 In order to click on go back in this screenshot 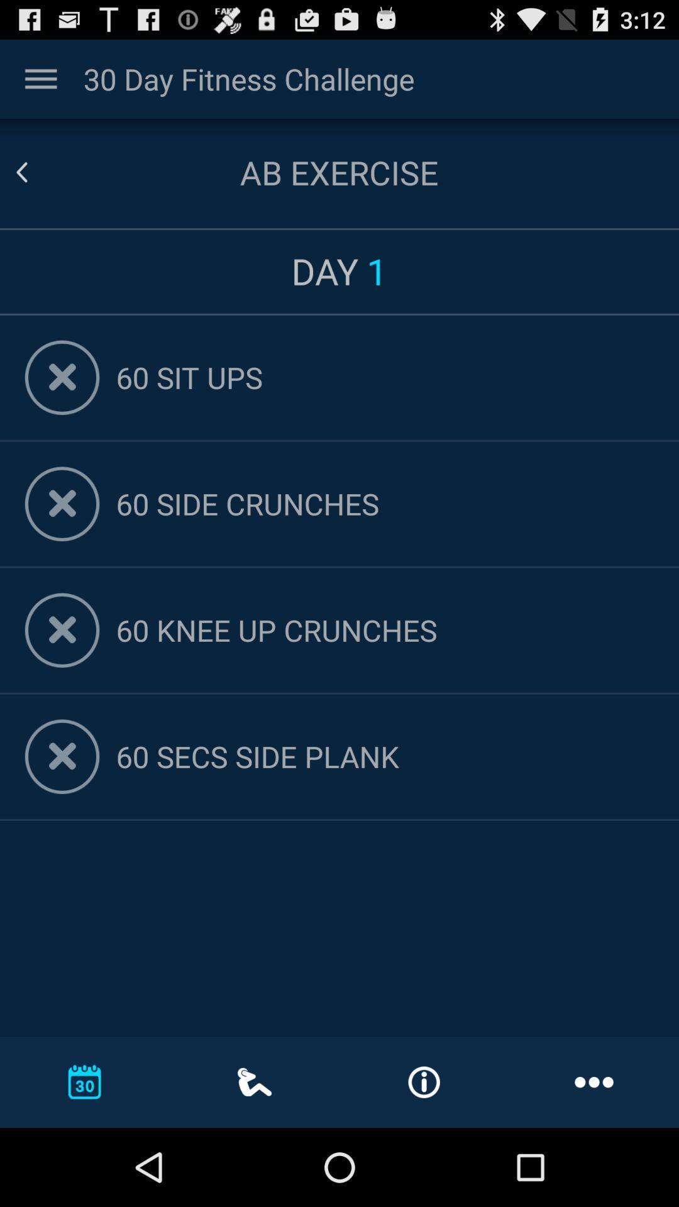, I will do `click(36, 172)`.